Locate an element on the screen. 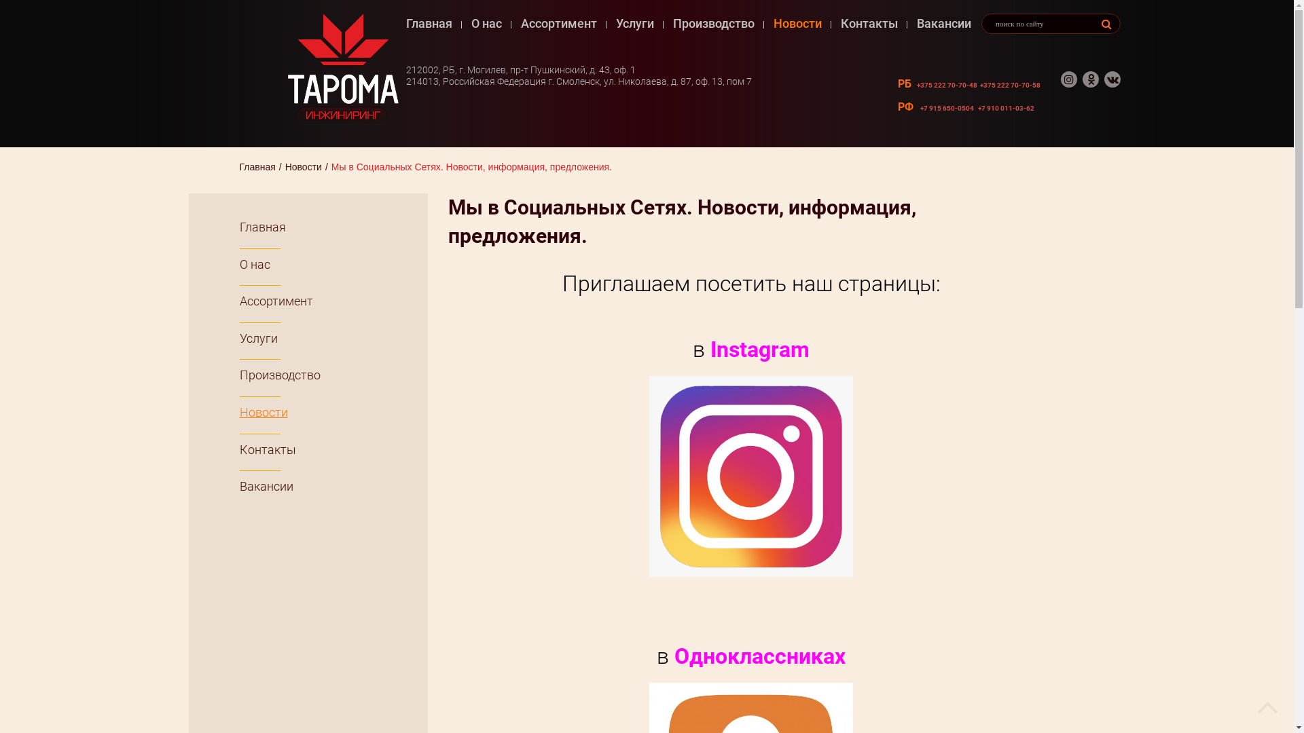 The image size is (1304, 733). '+375 222 70-70-48' is located at coordinates (946, 85).